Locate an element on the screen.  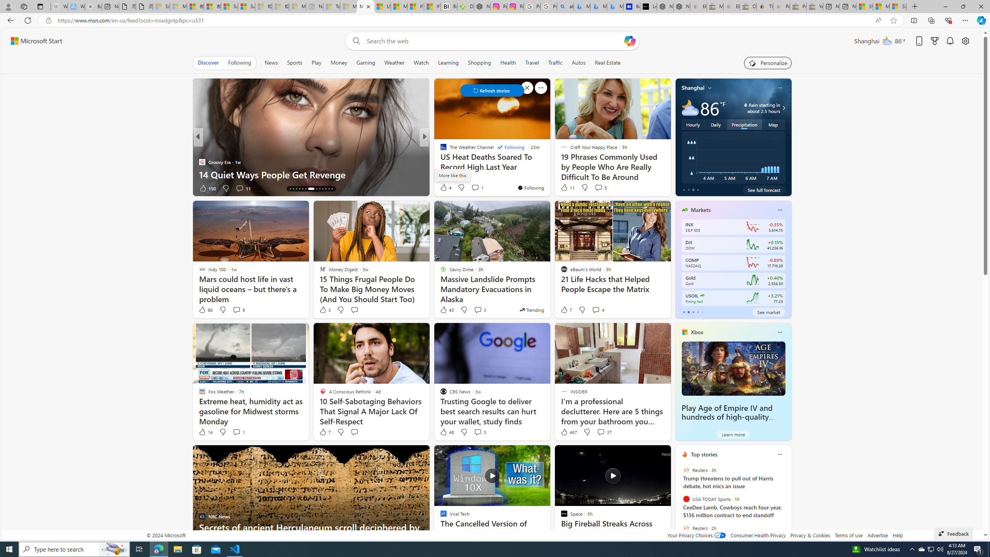
'Refresh' is located at coordinates (27, 20).